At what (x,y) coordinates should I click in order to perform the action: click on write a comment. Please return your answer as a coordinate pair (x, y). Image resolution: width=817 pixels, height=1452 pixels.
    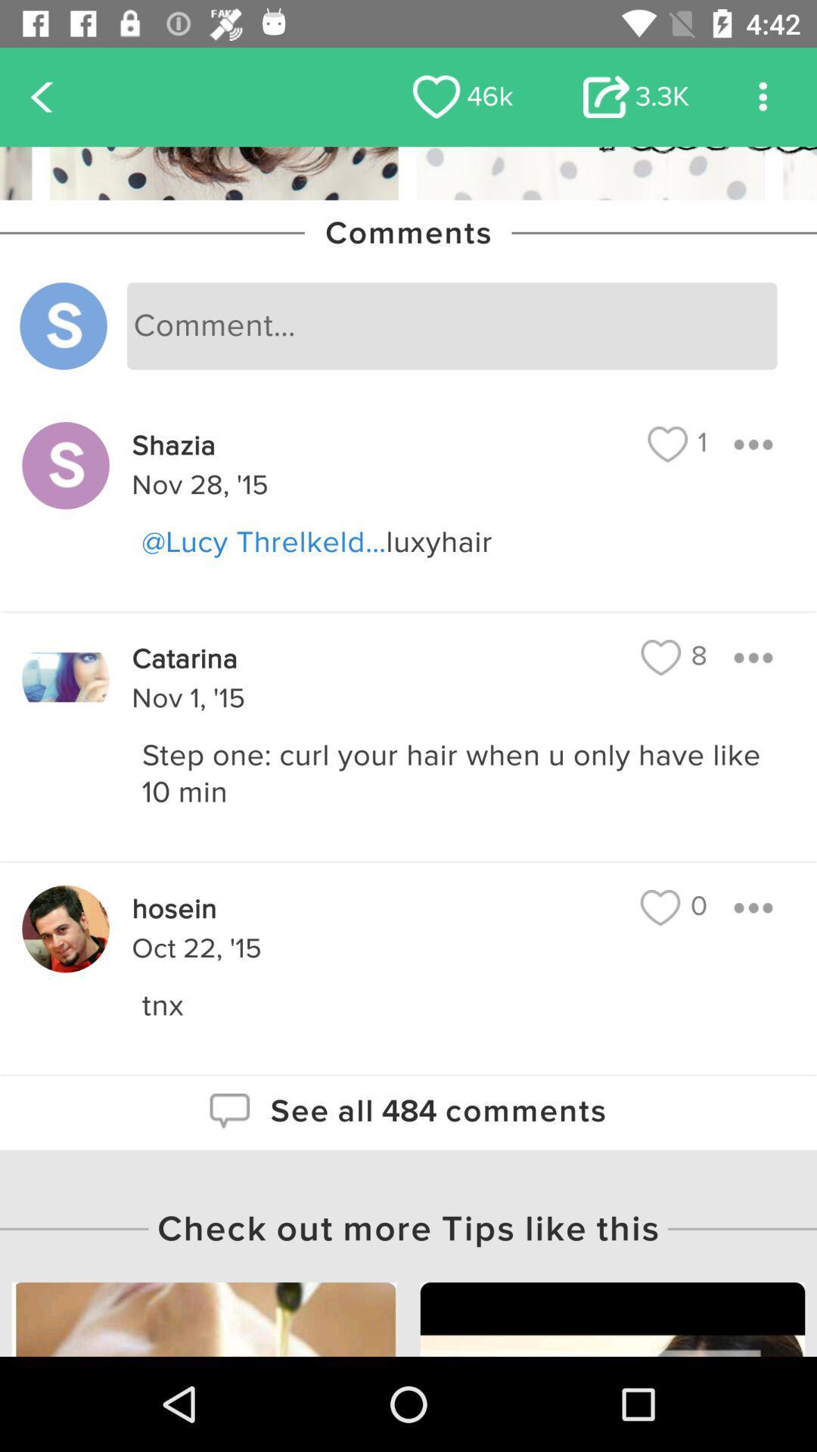
    Looking at the image, I should click on (451, 325).